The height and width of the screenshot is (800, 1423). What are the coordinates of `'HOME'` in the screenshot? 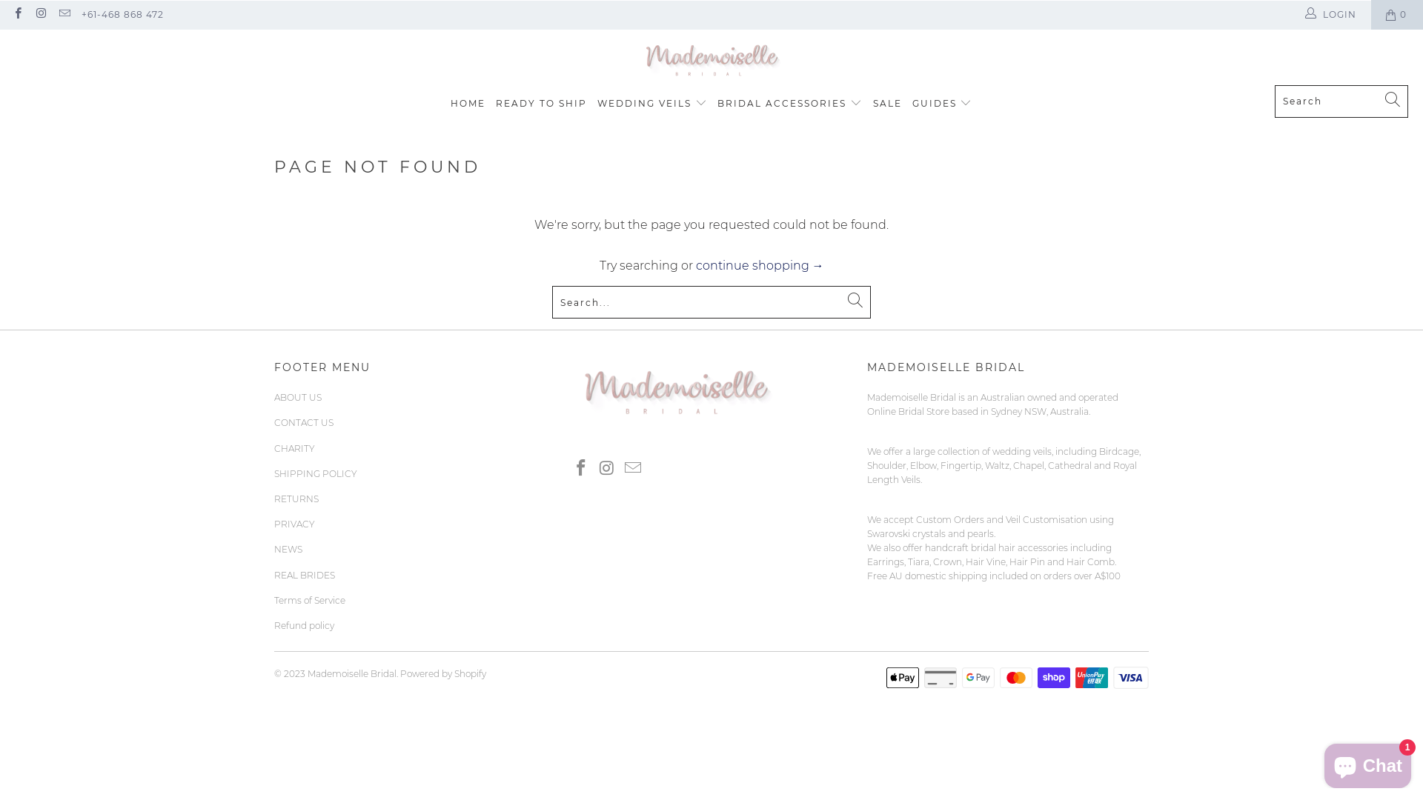 It's located at (450, 102).